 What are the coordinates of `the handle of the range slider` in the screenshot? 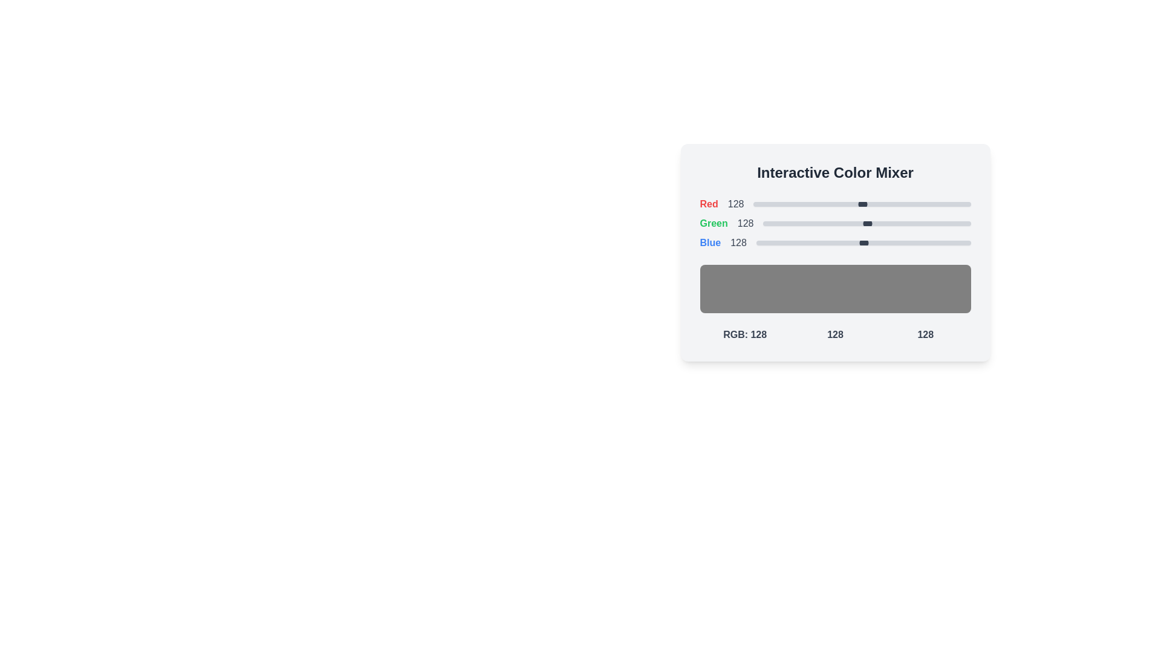 It's located at (867, 224).